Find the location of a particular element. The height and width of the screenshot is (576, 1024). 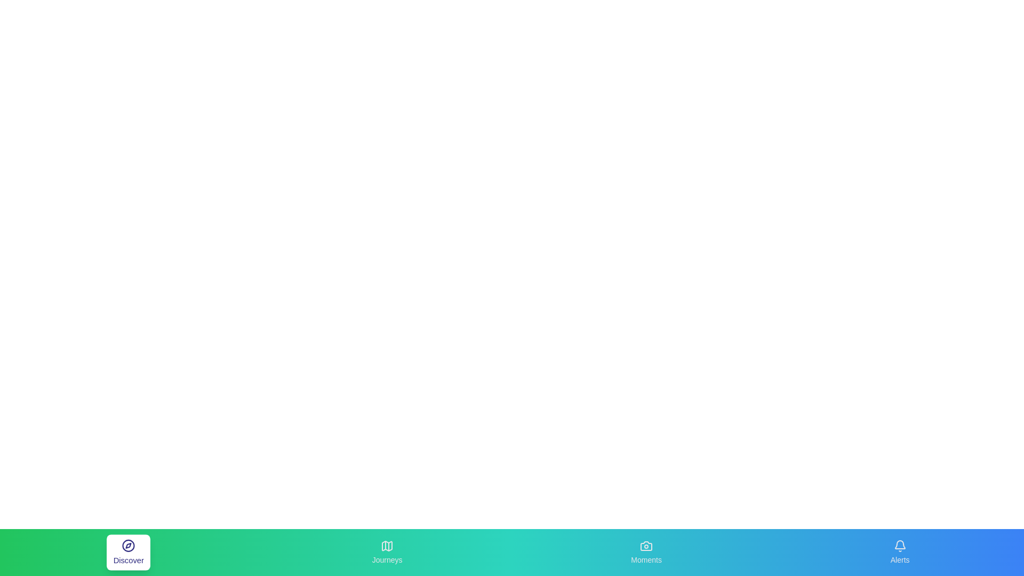

the Discover tab to observe its visual feedback is located at coordinates (128, 552).